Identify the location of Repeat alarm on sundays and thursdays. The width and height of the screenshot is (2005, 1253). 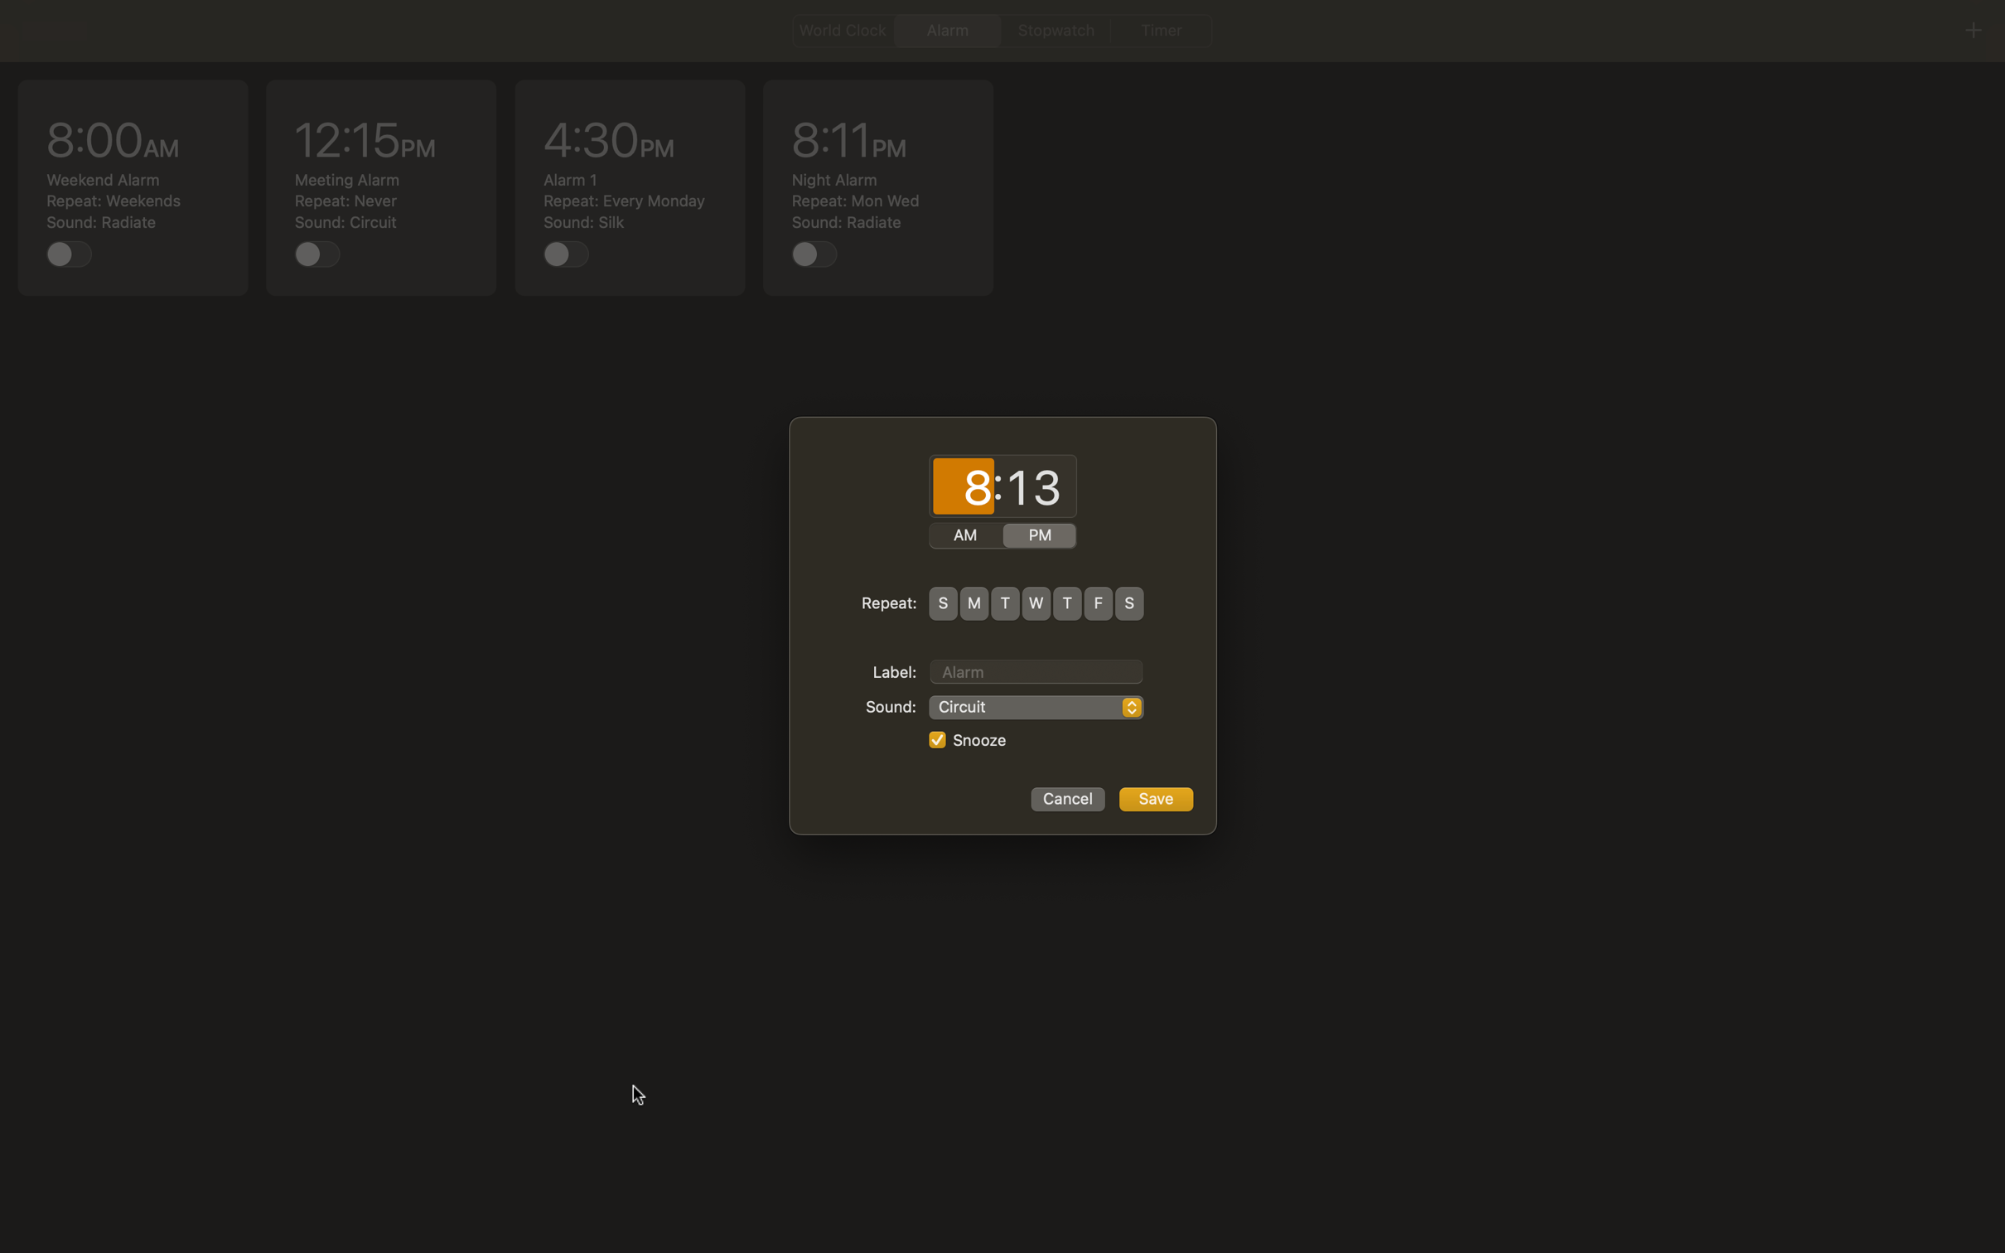
(942, 602).